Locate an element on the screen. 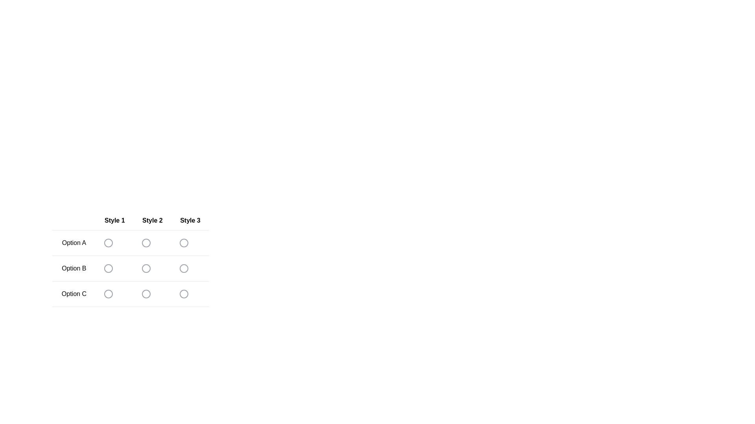 The height and width of the screenshot is (424, 755). the first radio button labeled 'Option B' under the 'Style 1' category is located at coordinates (108, 268).